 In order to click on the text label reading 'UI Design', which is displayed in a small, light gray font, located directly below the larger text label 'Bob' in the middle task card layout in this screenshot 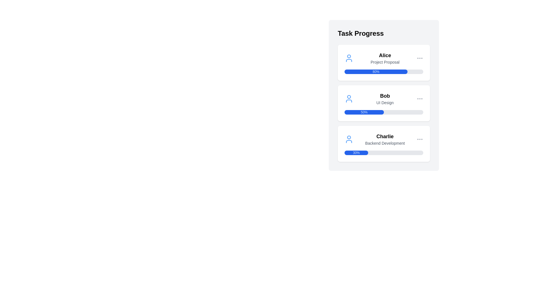, I will do `click(384, 103)`.